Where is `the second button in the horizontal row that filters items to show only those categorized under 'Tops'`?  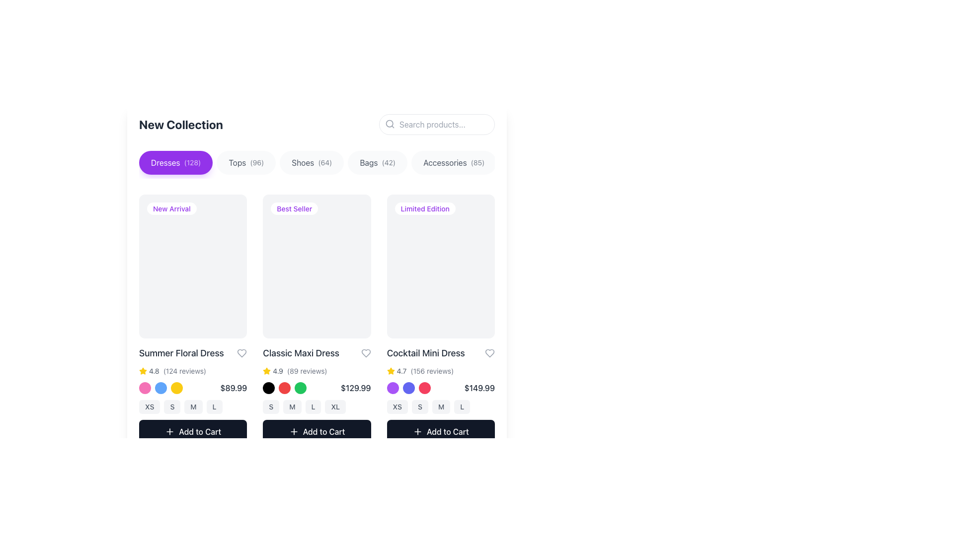
the second button in the horizontal row that filters items to show only those categorized under 'Tops' is located at coordinates (246, 162).